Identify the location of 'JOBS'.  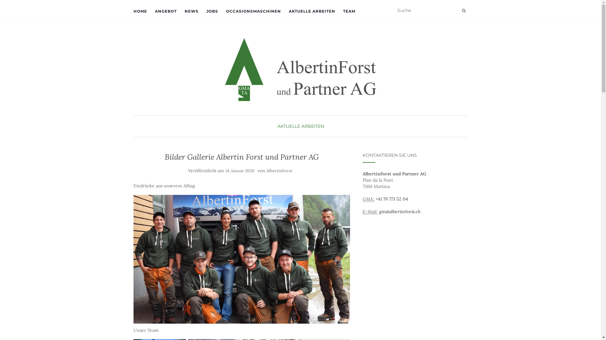
(212, 11).